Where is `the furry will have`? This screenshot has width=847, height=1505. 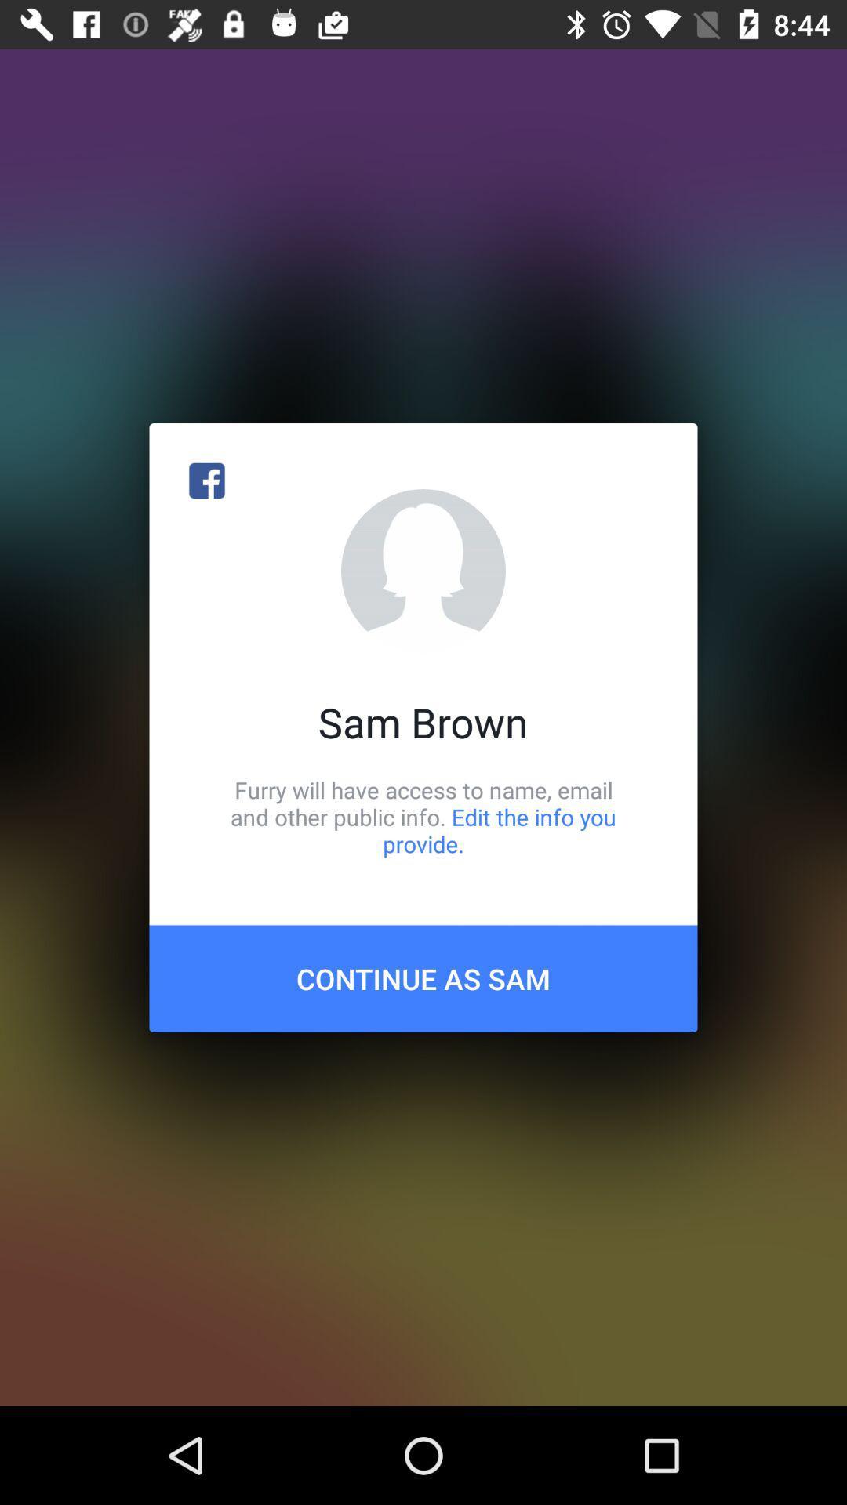
the furry will have is located at coordinates (423, 816).